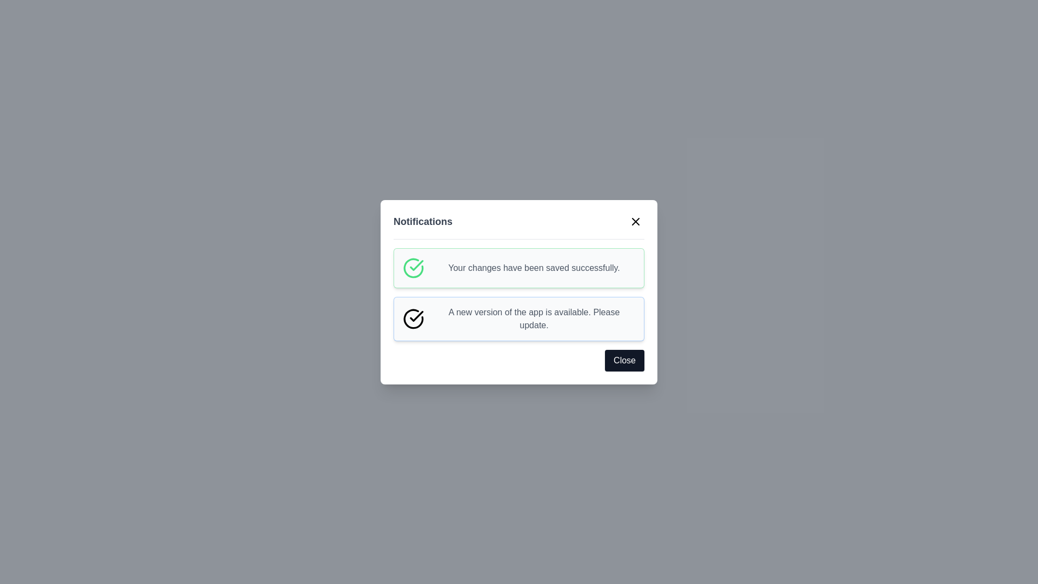  Describe the element at coordinates (422, 221) in the screenshot. I see `text content of the 'Notifications' label located in the header of the modal, which serves as the title providing context for the notifications` at that location.